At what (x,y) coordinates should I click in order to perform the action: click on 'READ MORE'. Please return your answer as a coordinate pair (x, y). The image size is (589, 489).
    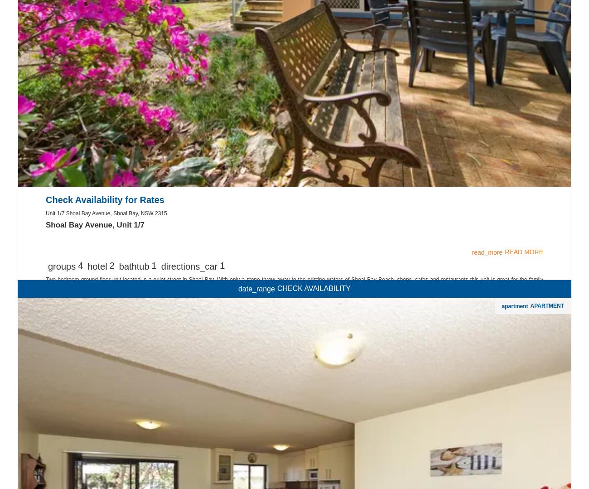
    Looking at the image, I should click on (524, 368).